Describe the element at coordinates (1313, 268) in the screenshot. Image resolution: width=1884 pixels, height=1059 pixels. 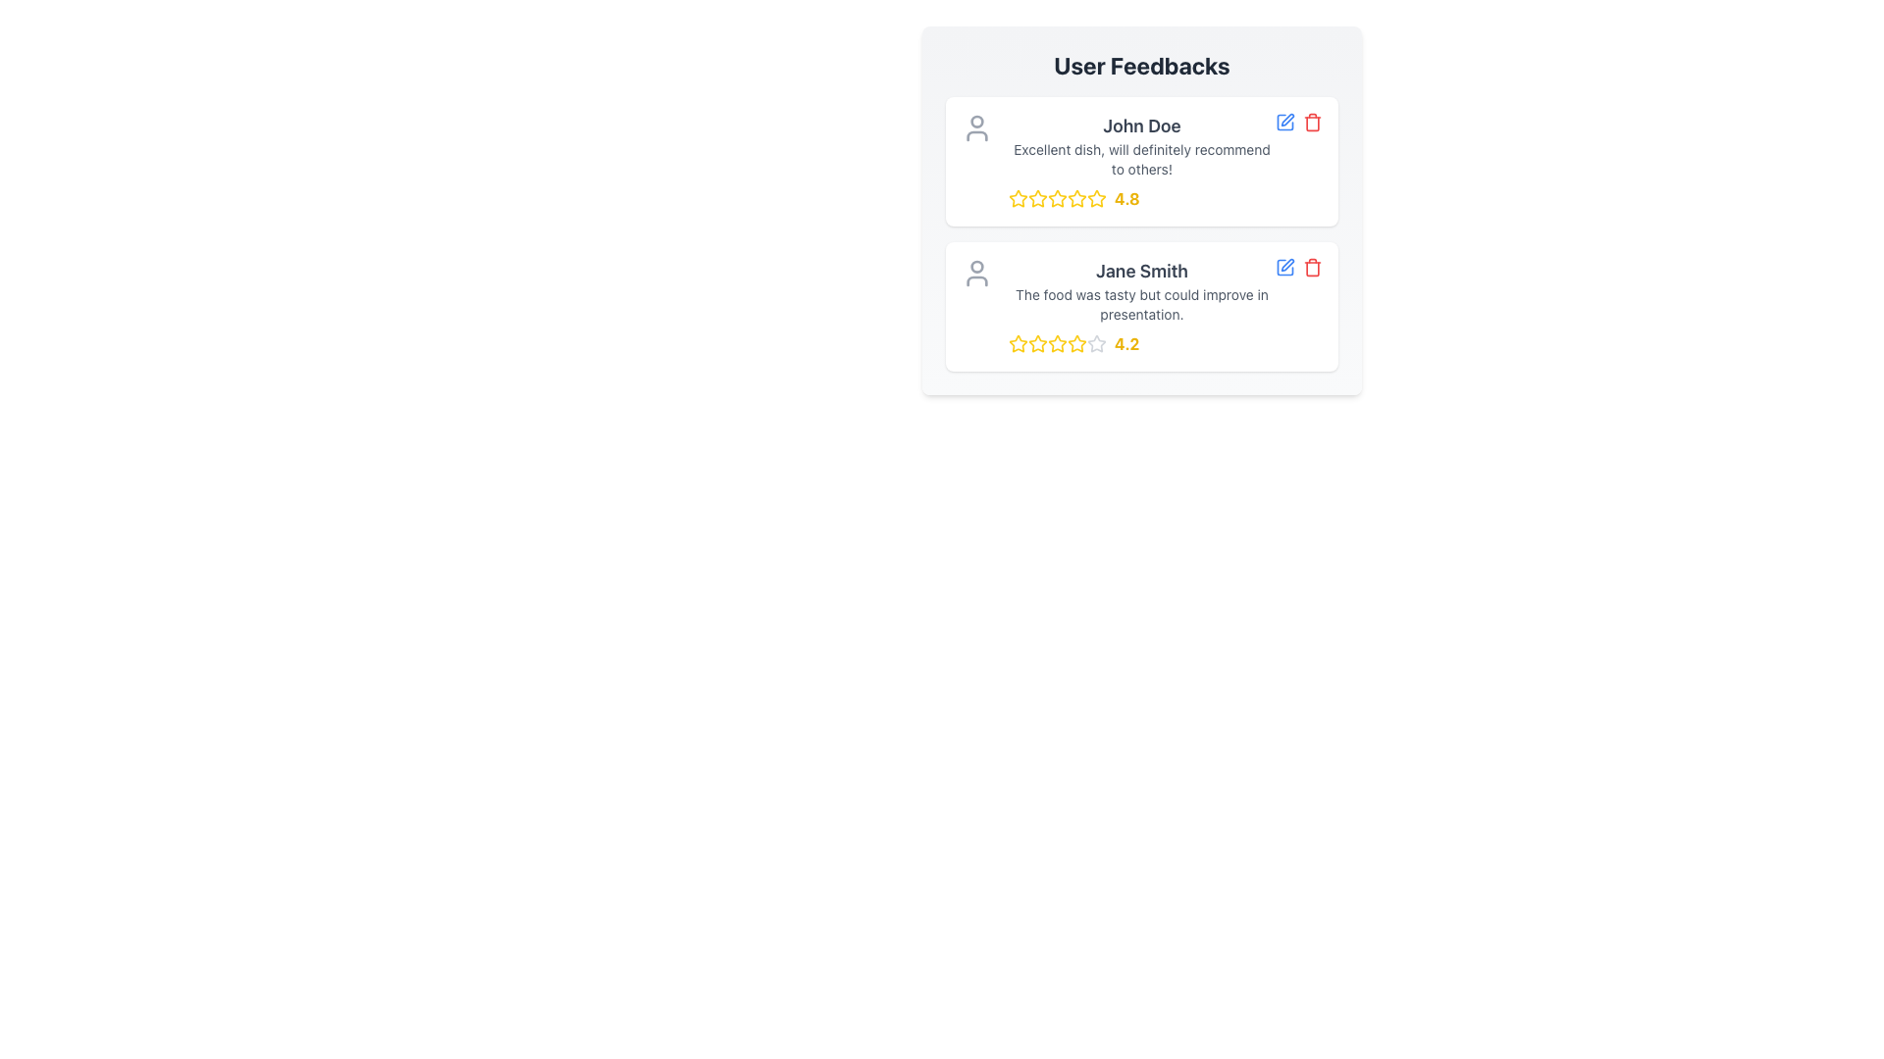
I see `the delete button located in the top-right area of the user interface` at that location.